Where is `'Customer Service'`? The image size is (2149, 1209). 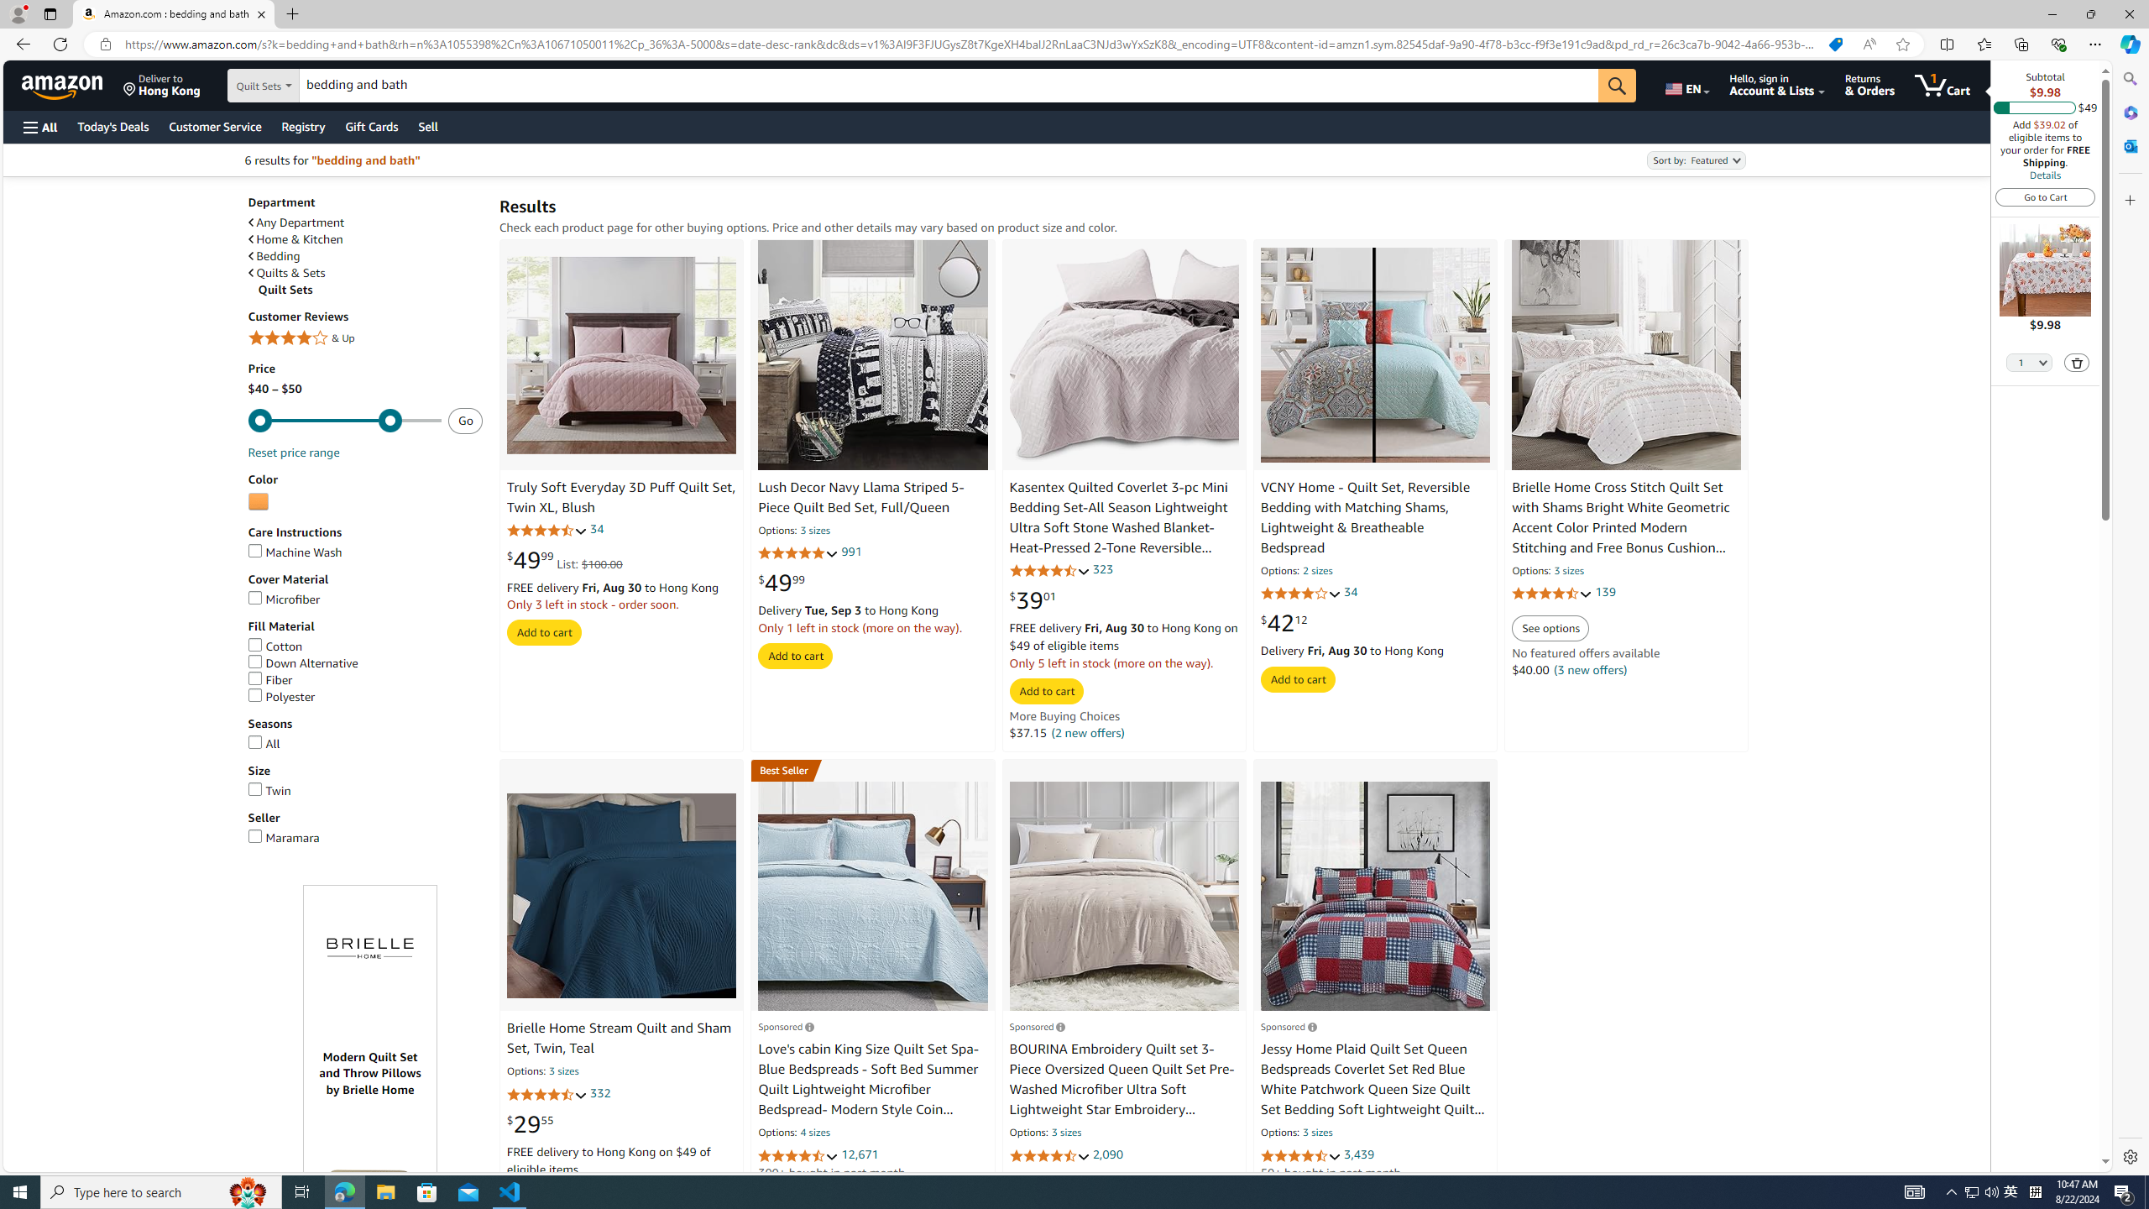
'Customer Service' is located at coordinates (215, 126).